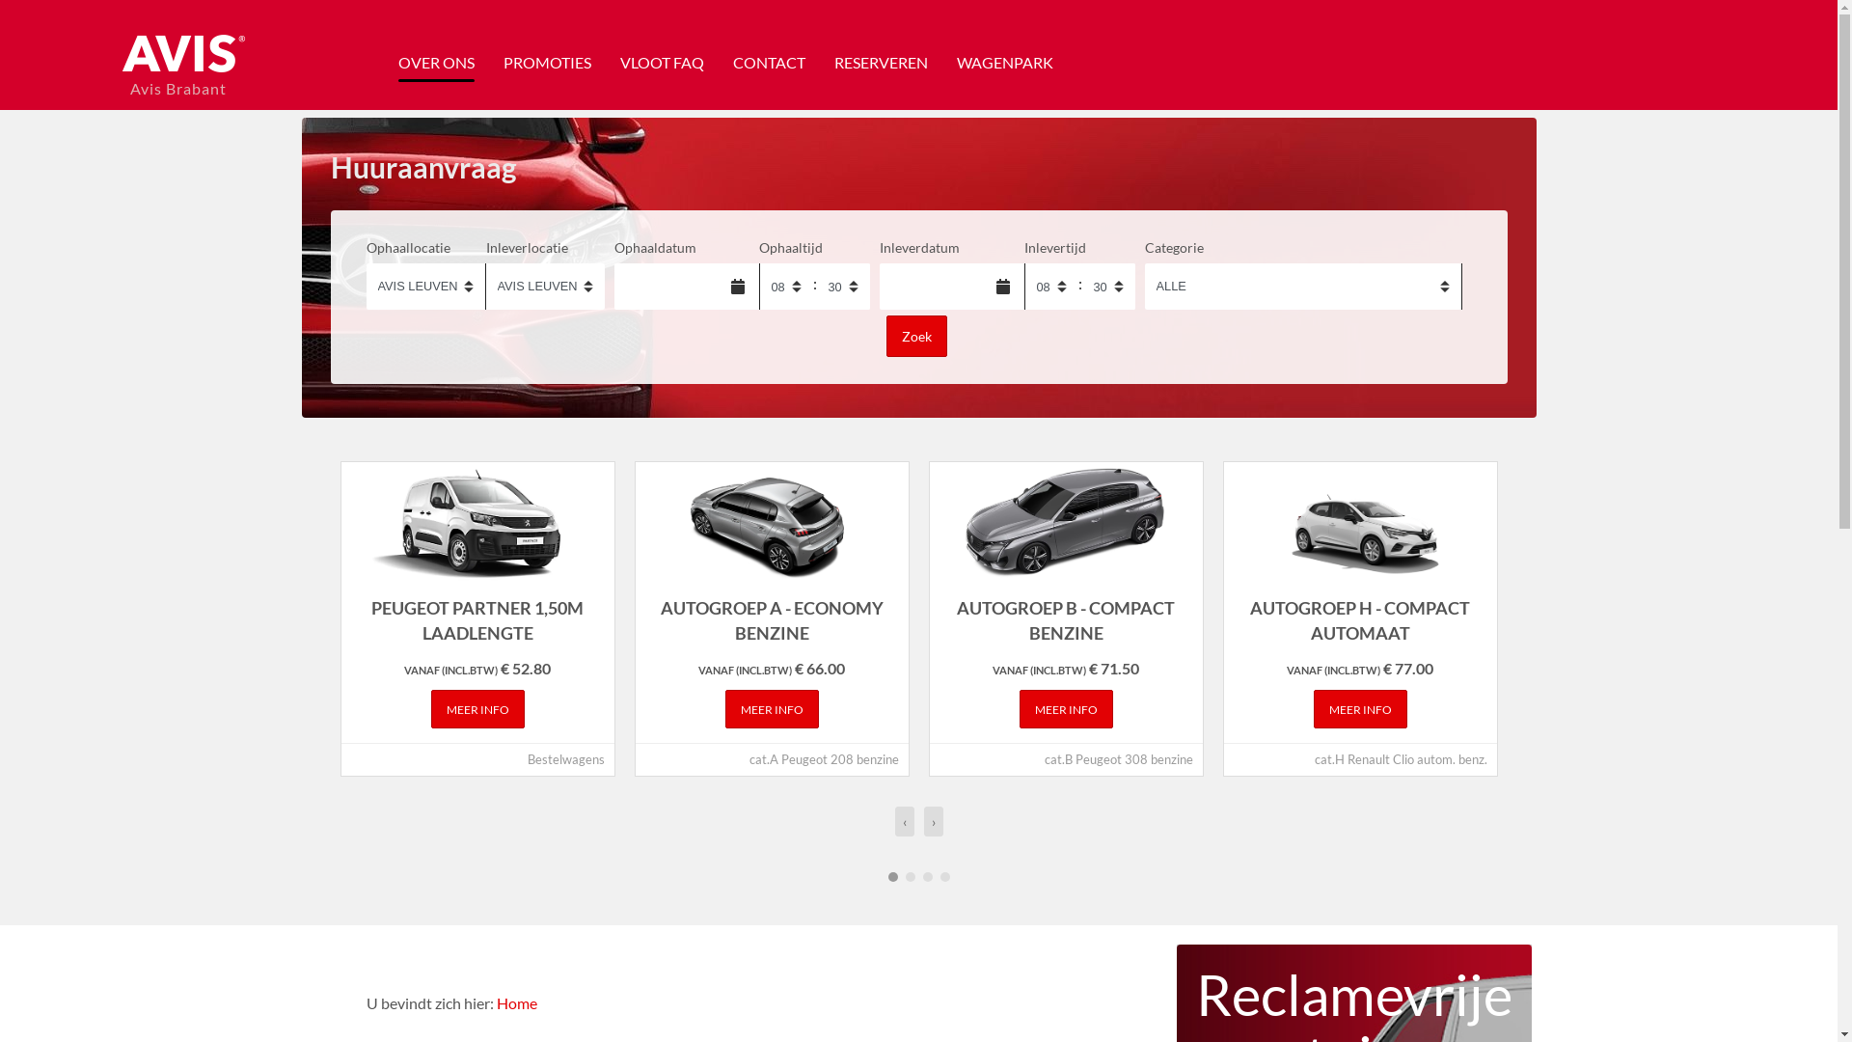  What do you see at coordinates (477, 709) in the screenshot?
I see `'MEER INFO'` at bounding box center [477, 709].